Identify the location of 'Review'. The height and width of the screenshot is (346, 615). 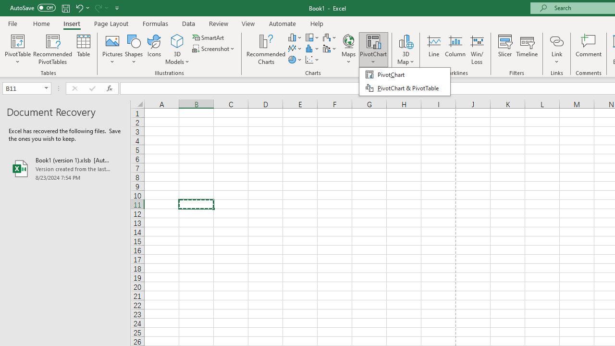
(218, 23).